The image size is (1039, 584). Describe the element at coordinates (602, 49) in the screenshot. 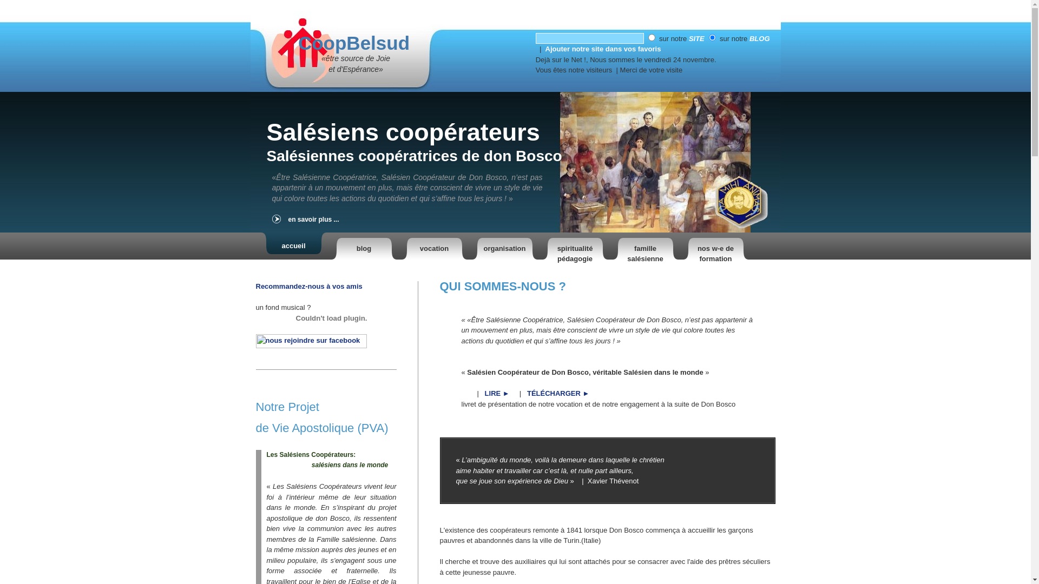

I see `'Ajouter notre site dans vos favoris'` at that location.